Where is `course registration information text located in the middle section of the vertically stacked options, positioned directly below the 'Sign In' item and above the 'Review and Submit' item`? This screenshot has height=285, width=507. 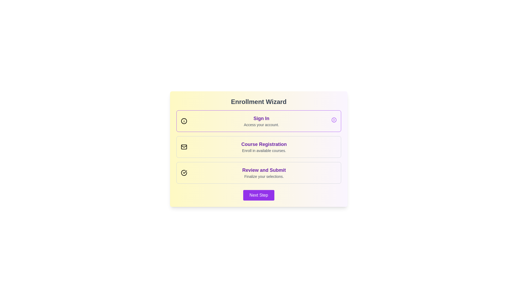
course registration information text located in the middle section of the vertically stacked options, positioned directly below the 'Sign In' item and above the 'Review and Submit' item is located at coordinates (264, 147).